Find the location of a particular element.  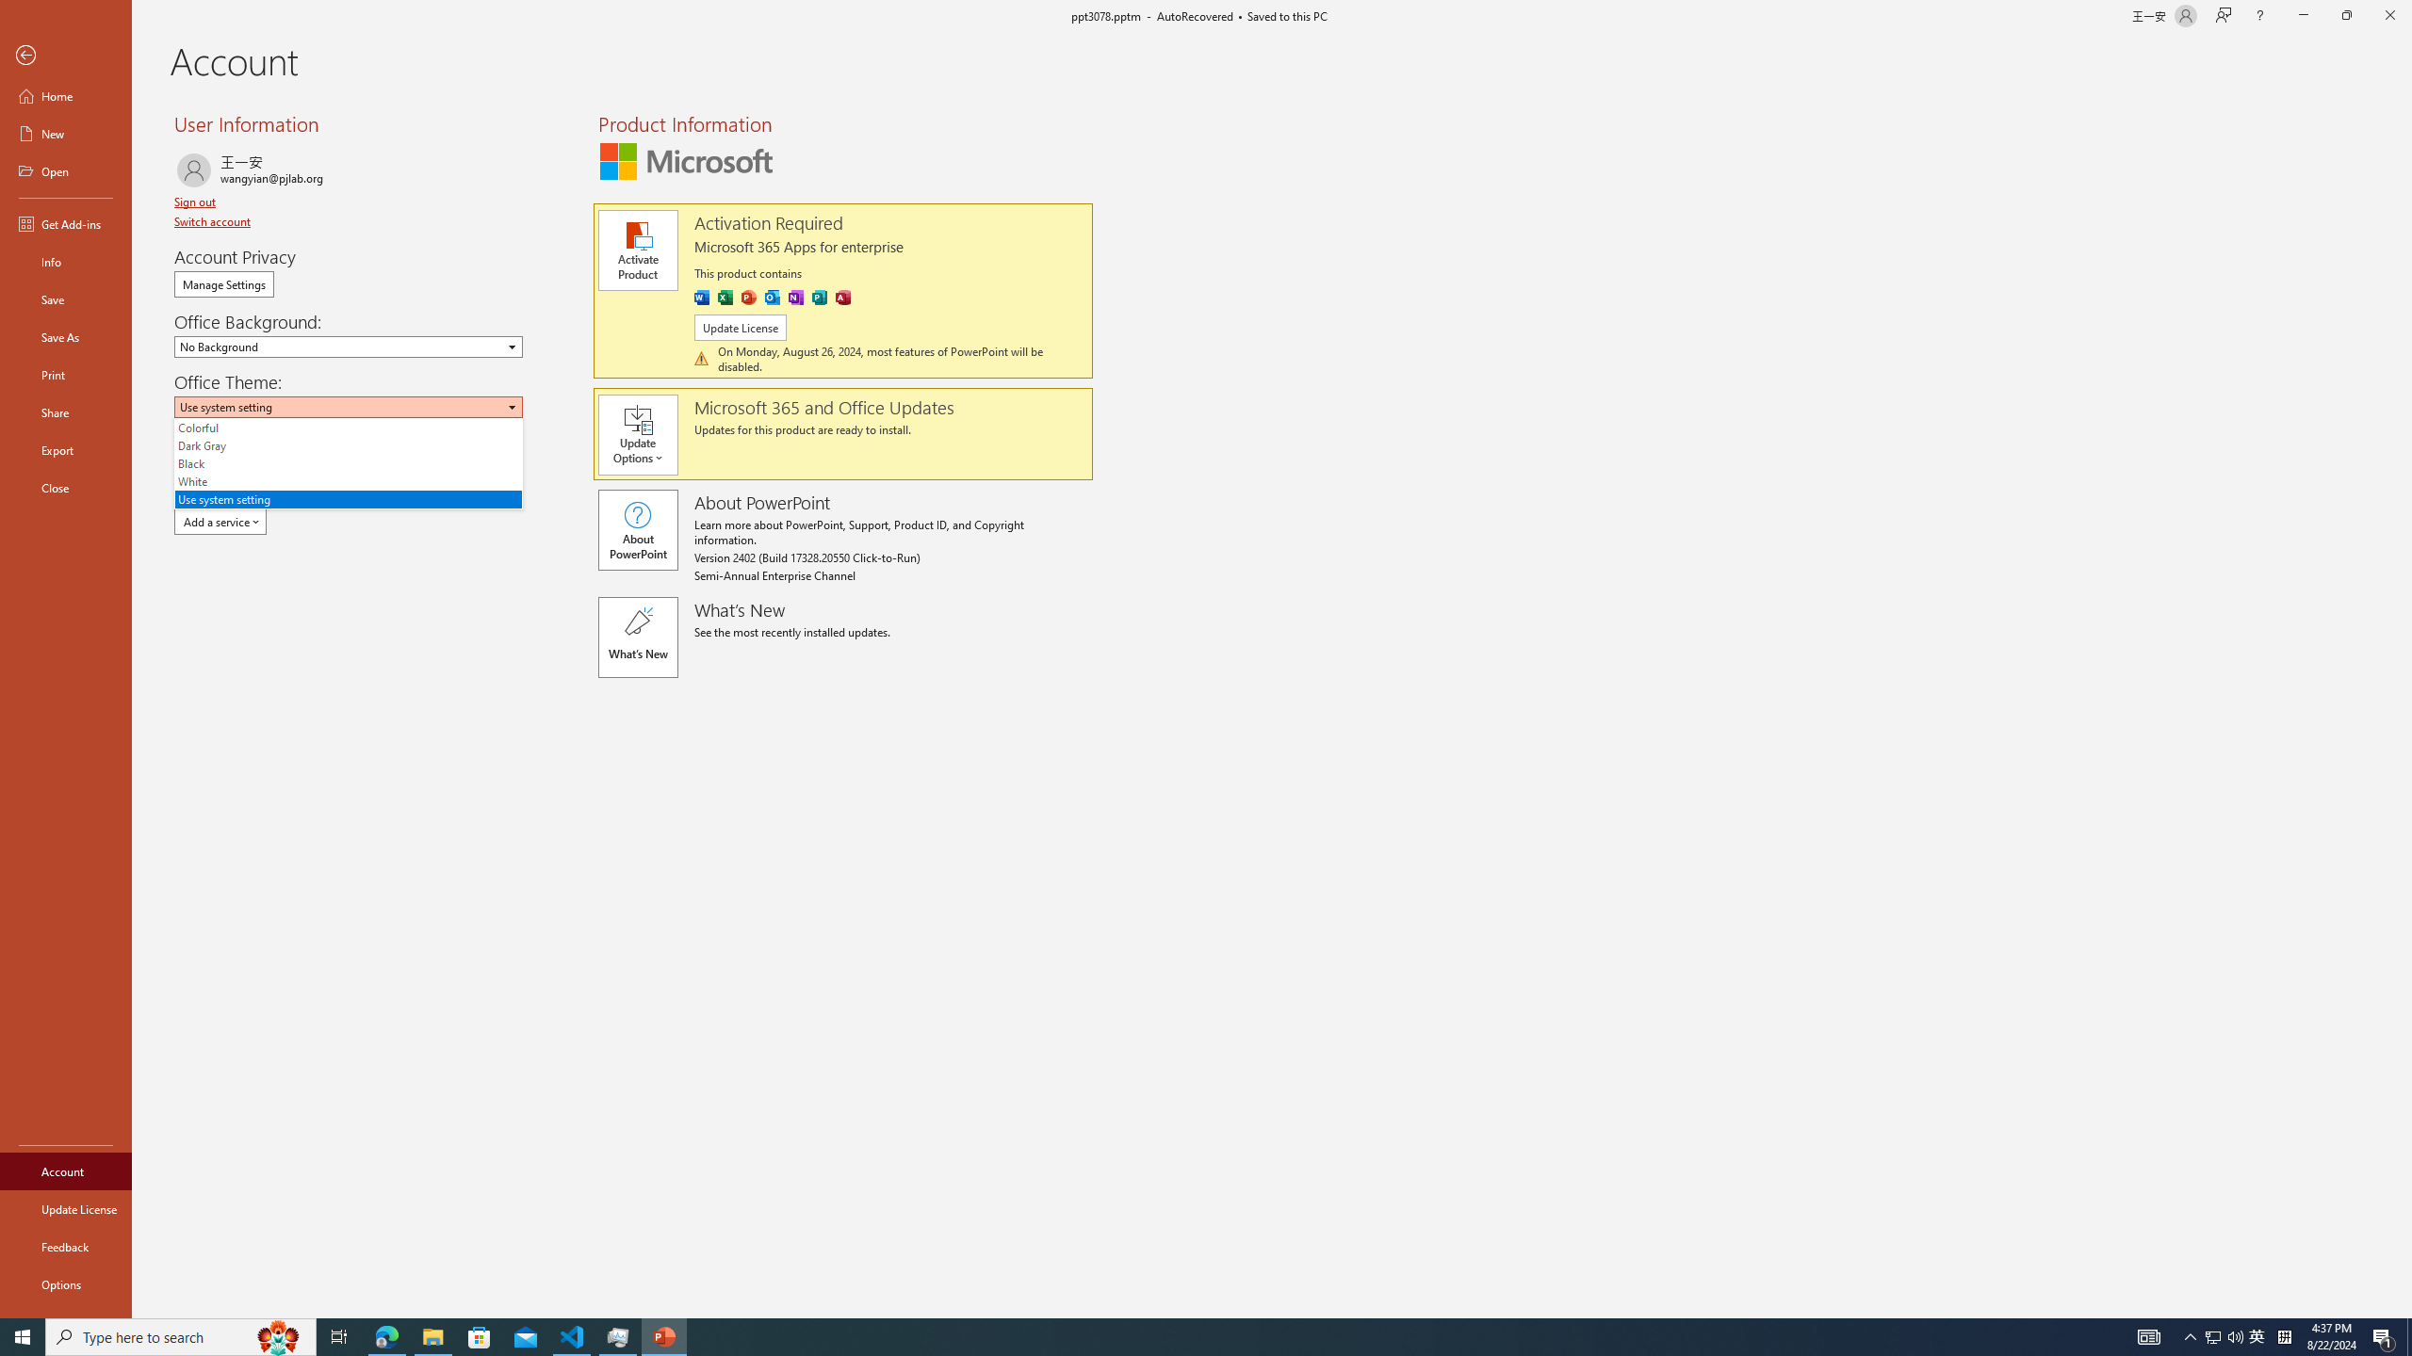

'Update Options' is located at coordinates (645, 435).